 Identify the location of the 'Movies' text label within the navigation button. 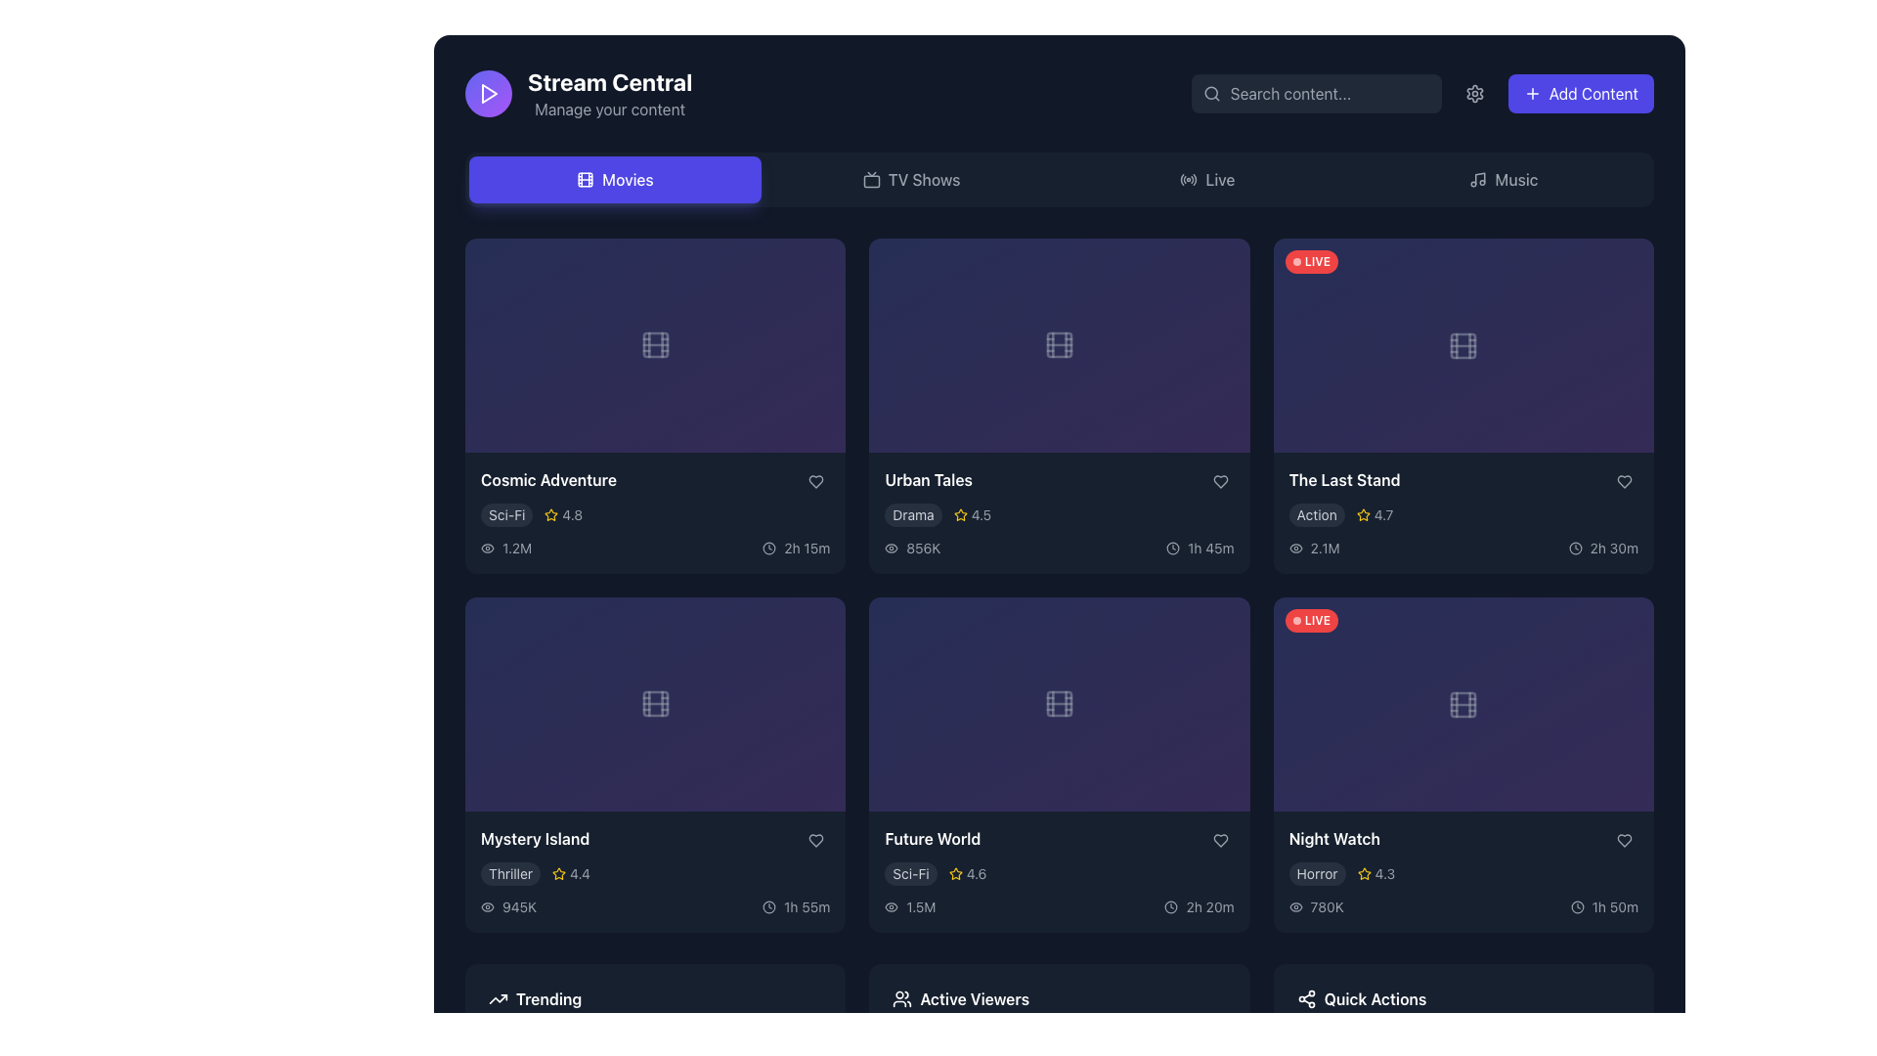
(628, 180).